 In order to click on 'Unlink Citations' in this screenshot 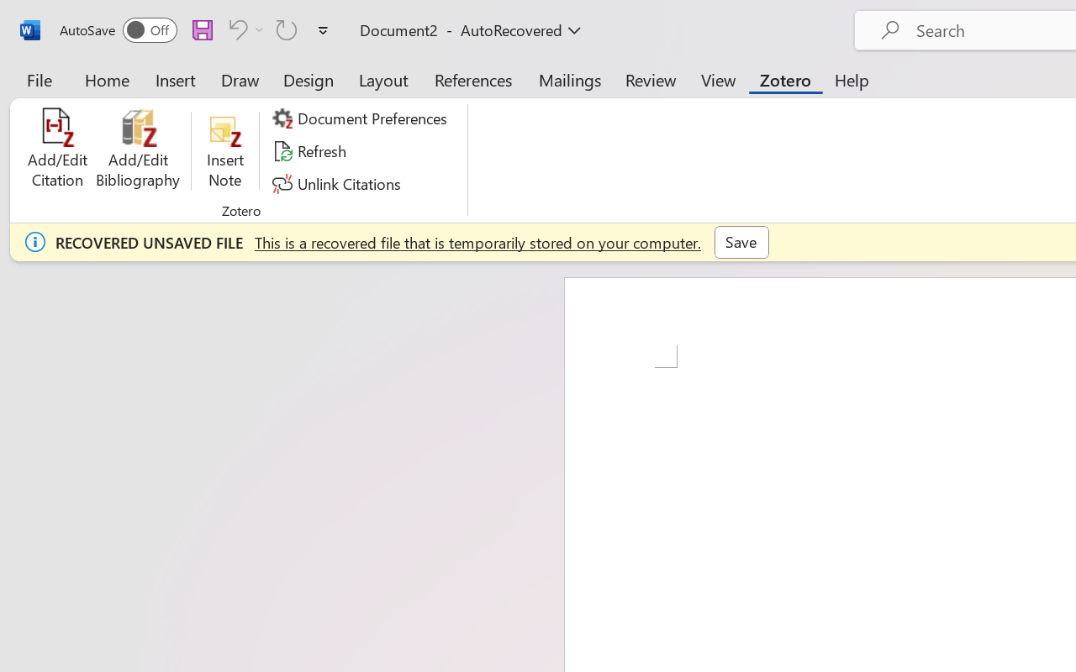, I will do `click(338, 183)`.